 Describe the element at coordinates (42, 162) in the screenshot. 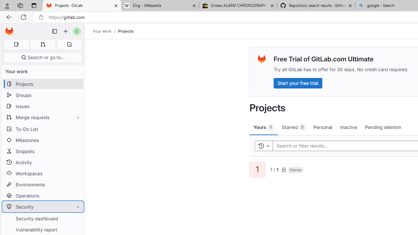

I see `'Activity'` at that location.